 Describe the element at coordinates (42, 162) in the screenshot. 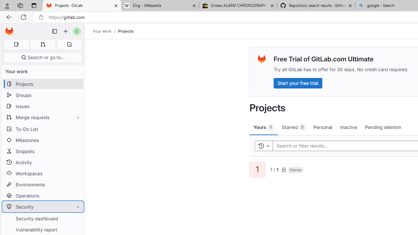

I see `'Activity'` at that location.